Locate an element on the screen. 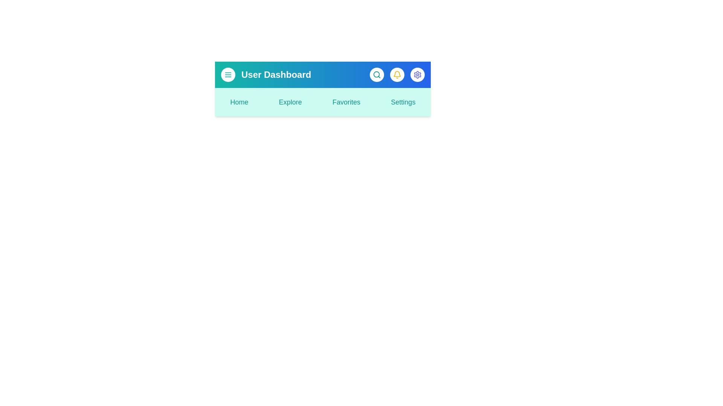 The width and height of the screenshot is (723, 406). the menu button to observe the hover effect is located at coordinates (227, 75).